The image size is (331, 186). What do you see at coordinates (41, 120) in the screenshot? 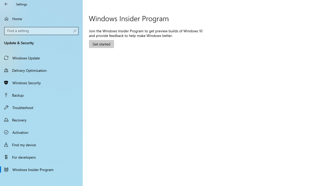
I see `'Recovery'` at bounding box center [41, 120].